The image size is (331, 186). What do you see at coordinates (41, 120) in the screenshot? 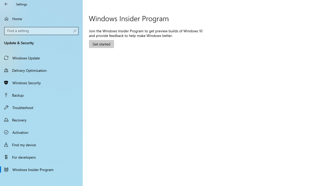
I see `'Recovery'` at bounding box center [41, 120].